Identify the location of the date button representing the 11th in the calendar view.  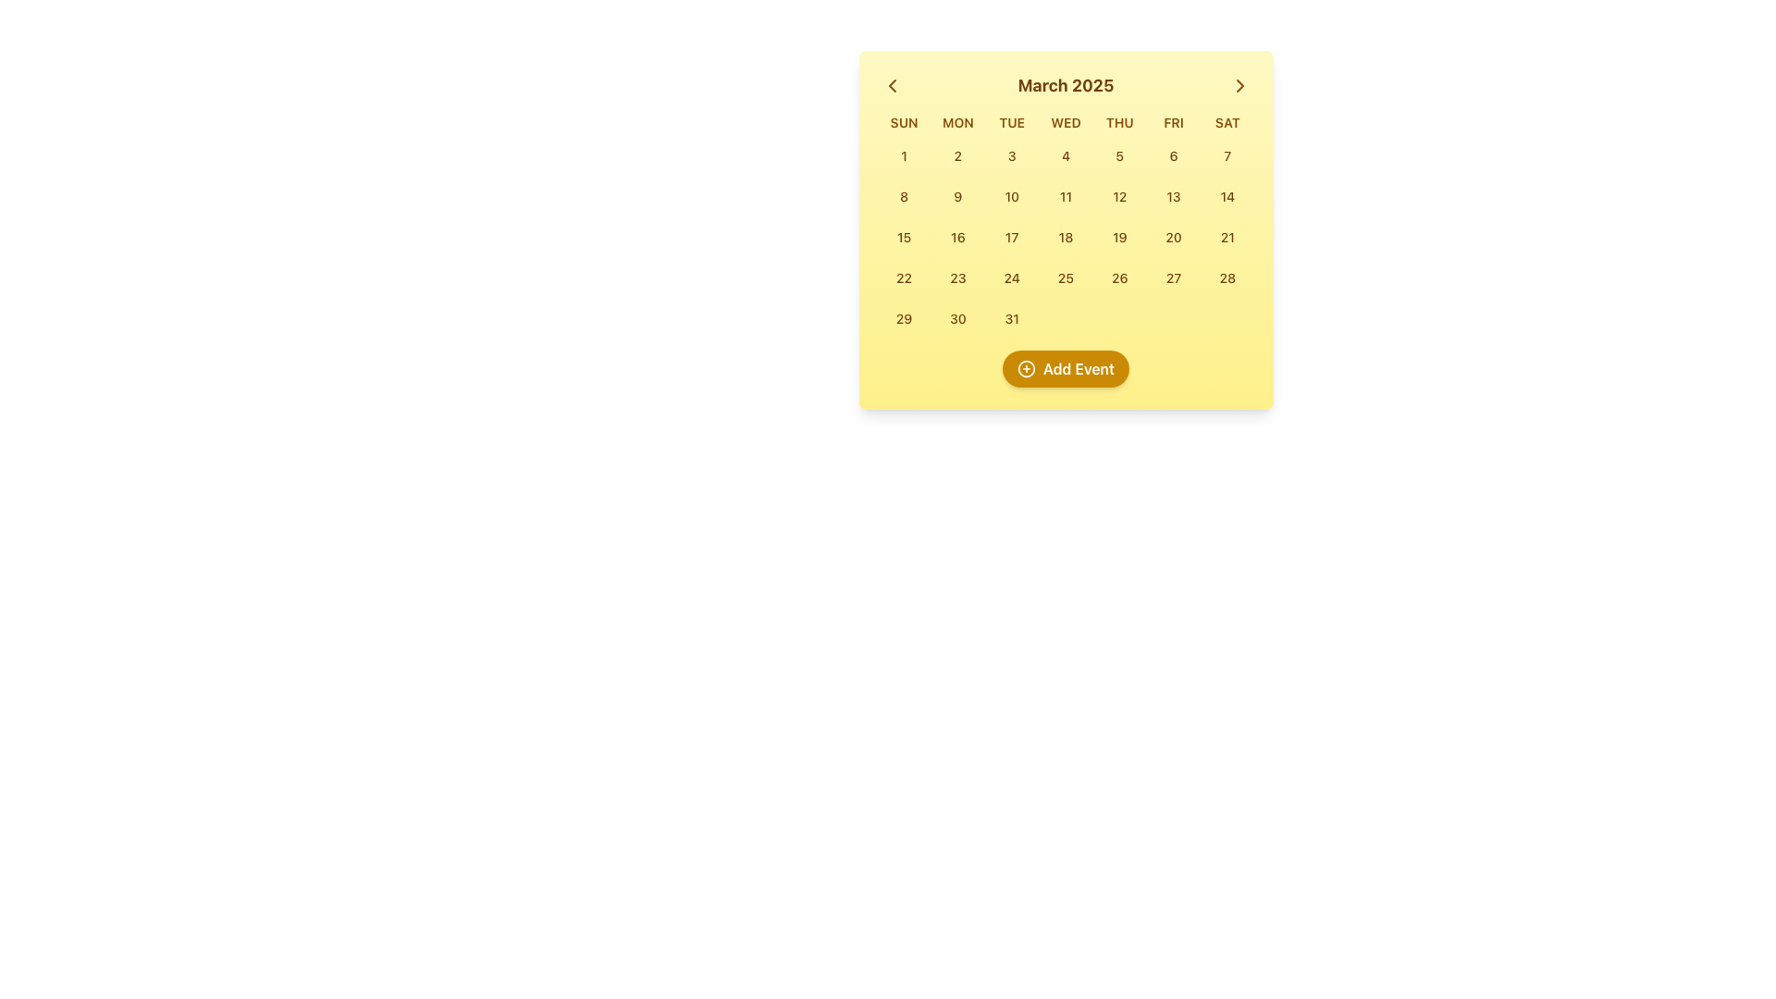
(1066, 196).